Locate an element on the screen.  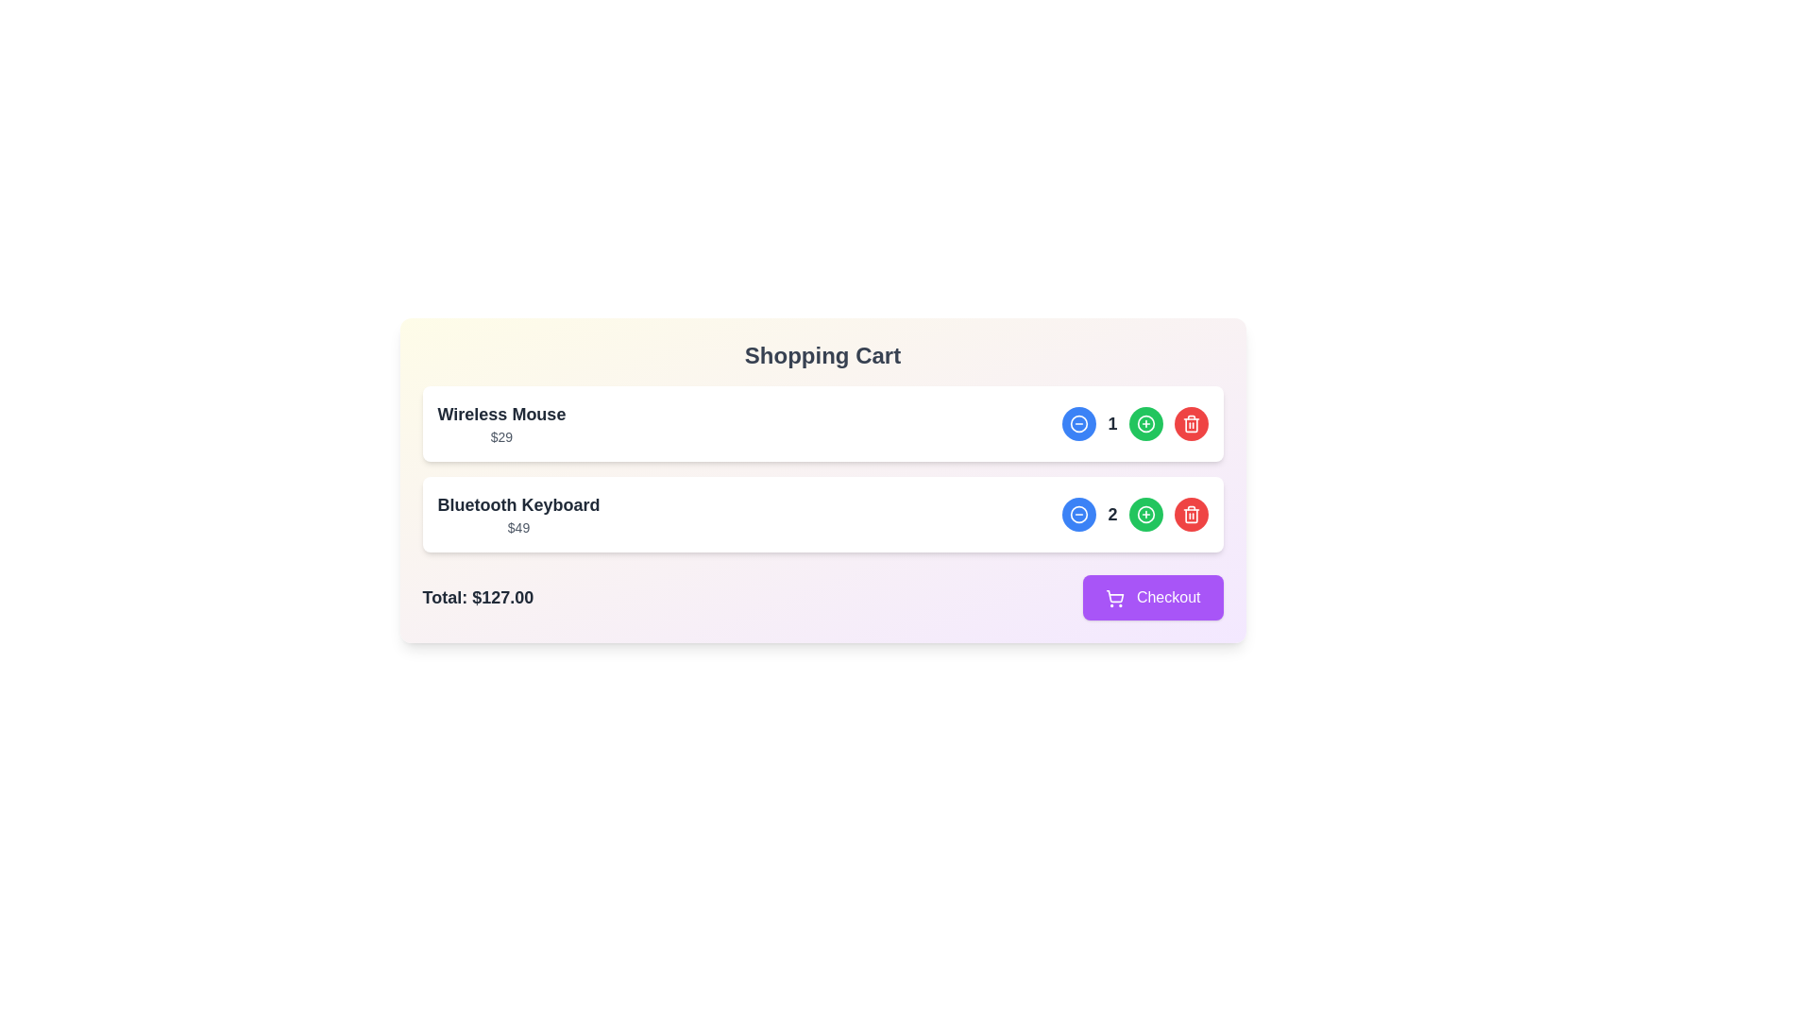
the 'Wireless Mouse' text label, which is a prominent and bold label displayed in dark gray above the price of '$29' in a shopping cart interface is located at coordinates (501, 414).